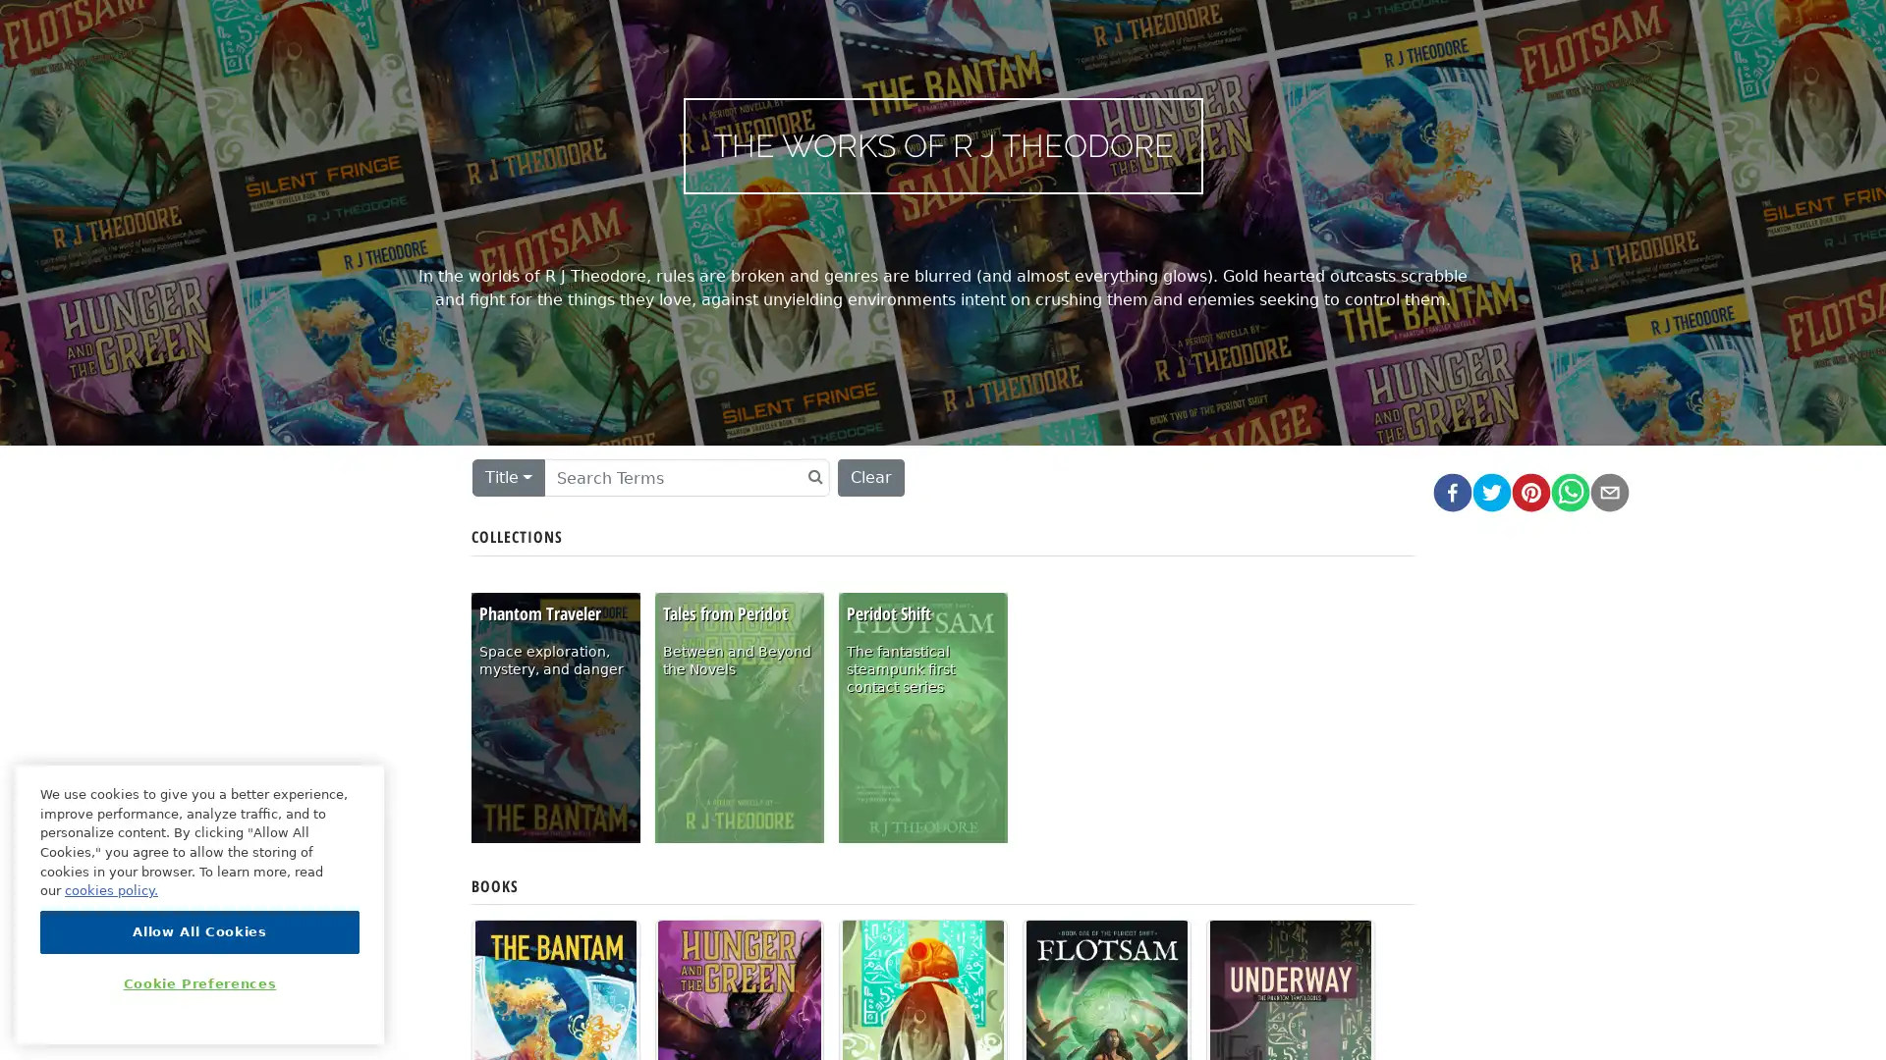  I want to click on whatsapp, so click(1569, 490).